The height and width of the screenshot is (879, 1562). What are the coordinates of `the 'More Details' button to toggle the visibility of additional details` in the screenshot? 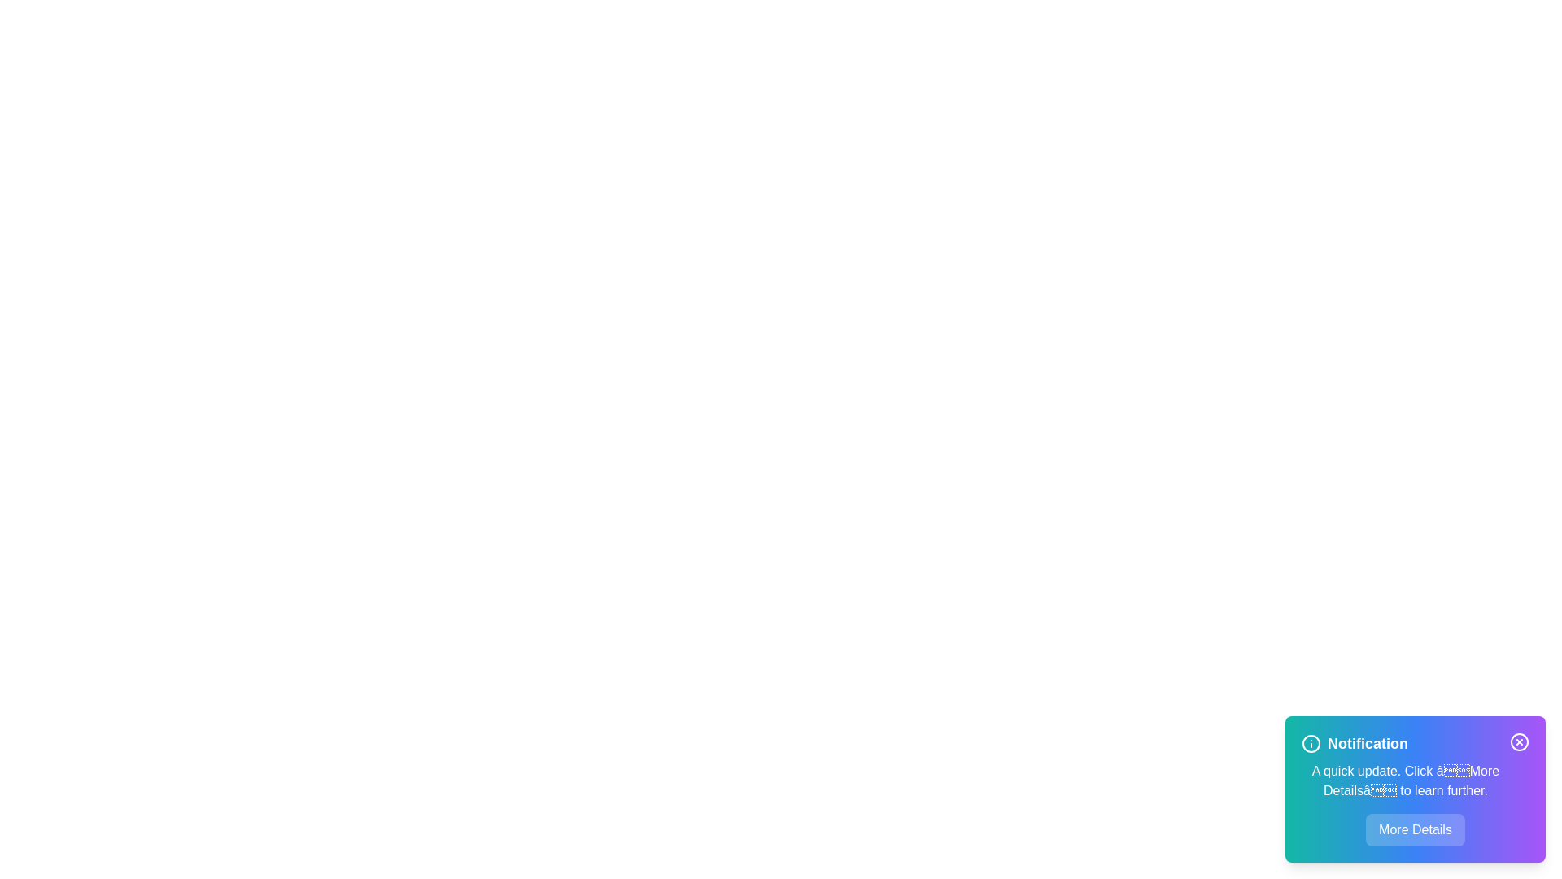 It's located at (1414, 829).